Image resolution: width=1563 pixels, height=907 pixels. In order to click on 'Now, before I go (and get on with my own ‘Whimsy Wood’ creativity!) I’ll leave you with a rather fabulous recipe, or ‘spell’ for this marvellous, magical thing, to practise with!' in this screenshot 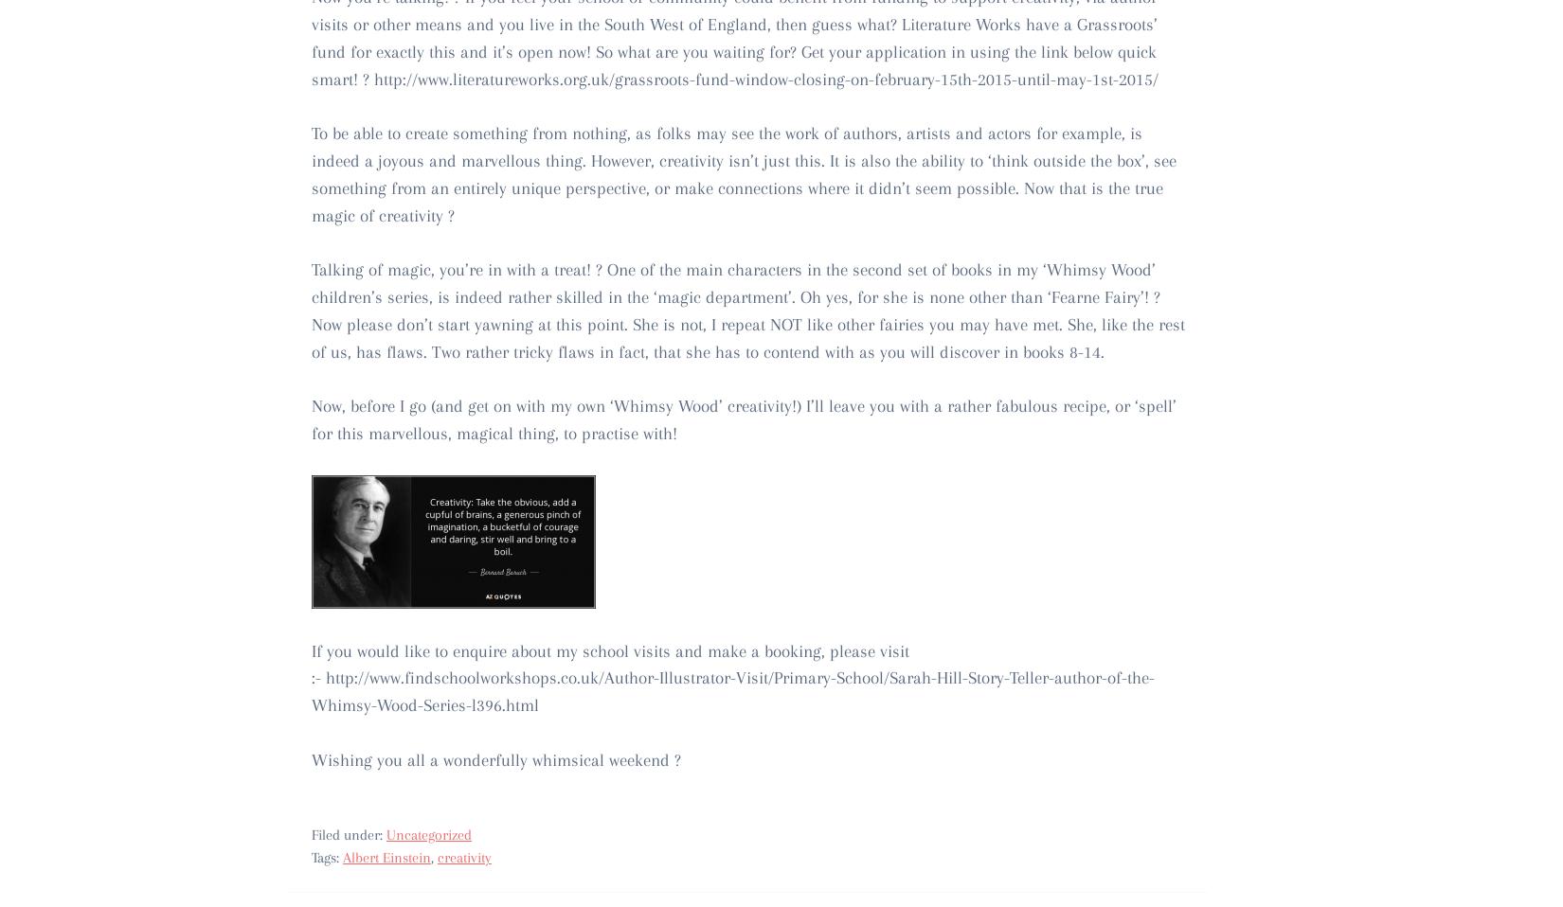, I will do `click(743, 418)`.